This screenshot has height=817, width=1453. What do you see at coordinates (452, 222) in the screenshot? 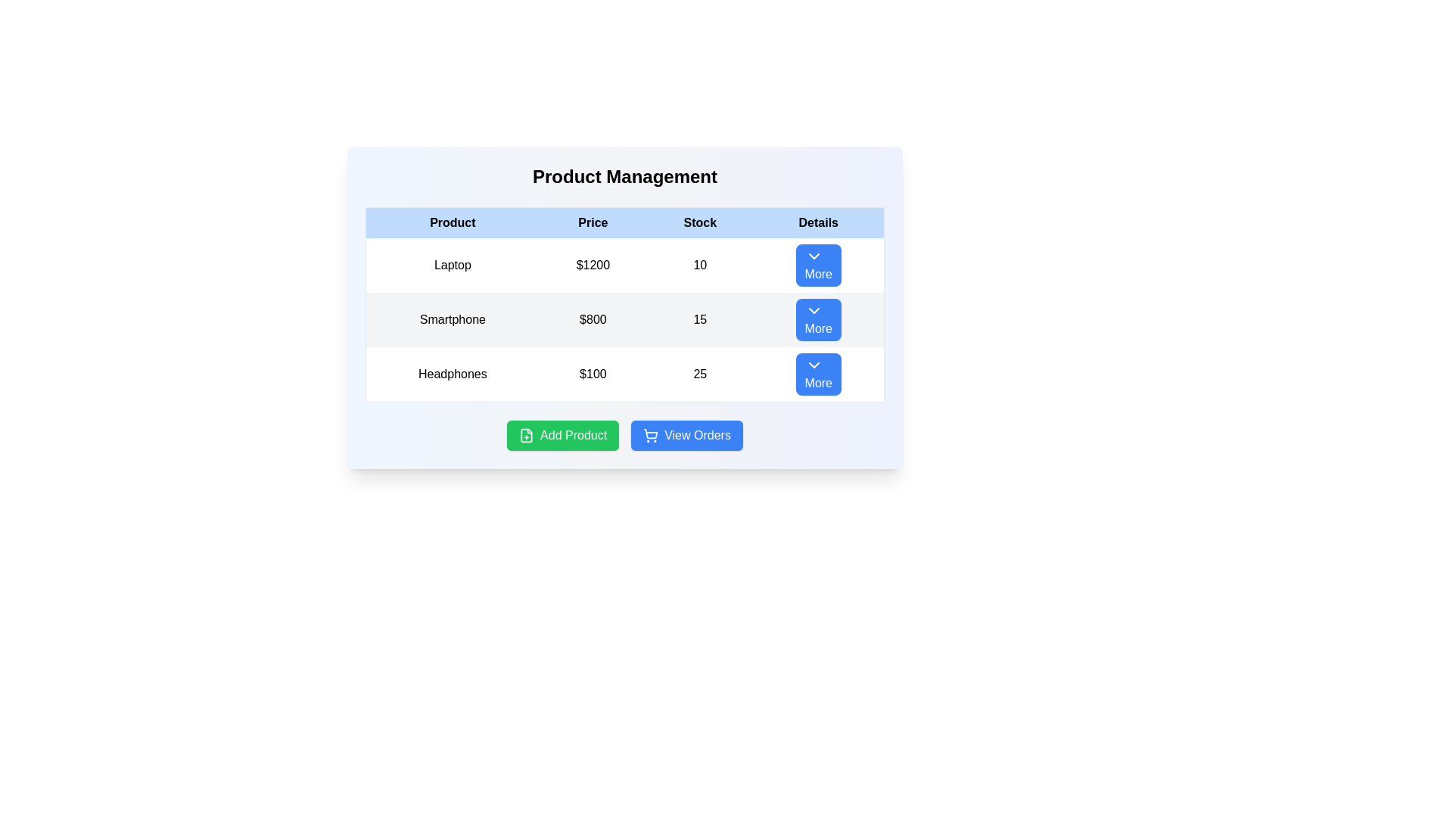
I see `the text label that says 'Product', which is styled with a light blue background and is the first element in the header row of the 'Product Management' section` at bounding box center [452, 222].